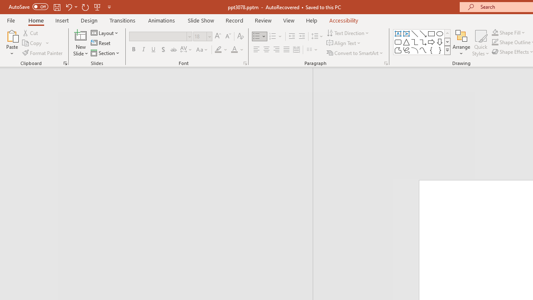  I want to click on 'Oval', so click(439, 33).